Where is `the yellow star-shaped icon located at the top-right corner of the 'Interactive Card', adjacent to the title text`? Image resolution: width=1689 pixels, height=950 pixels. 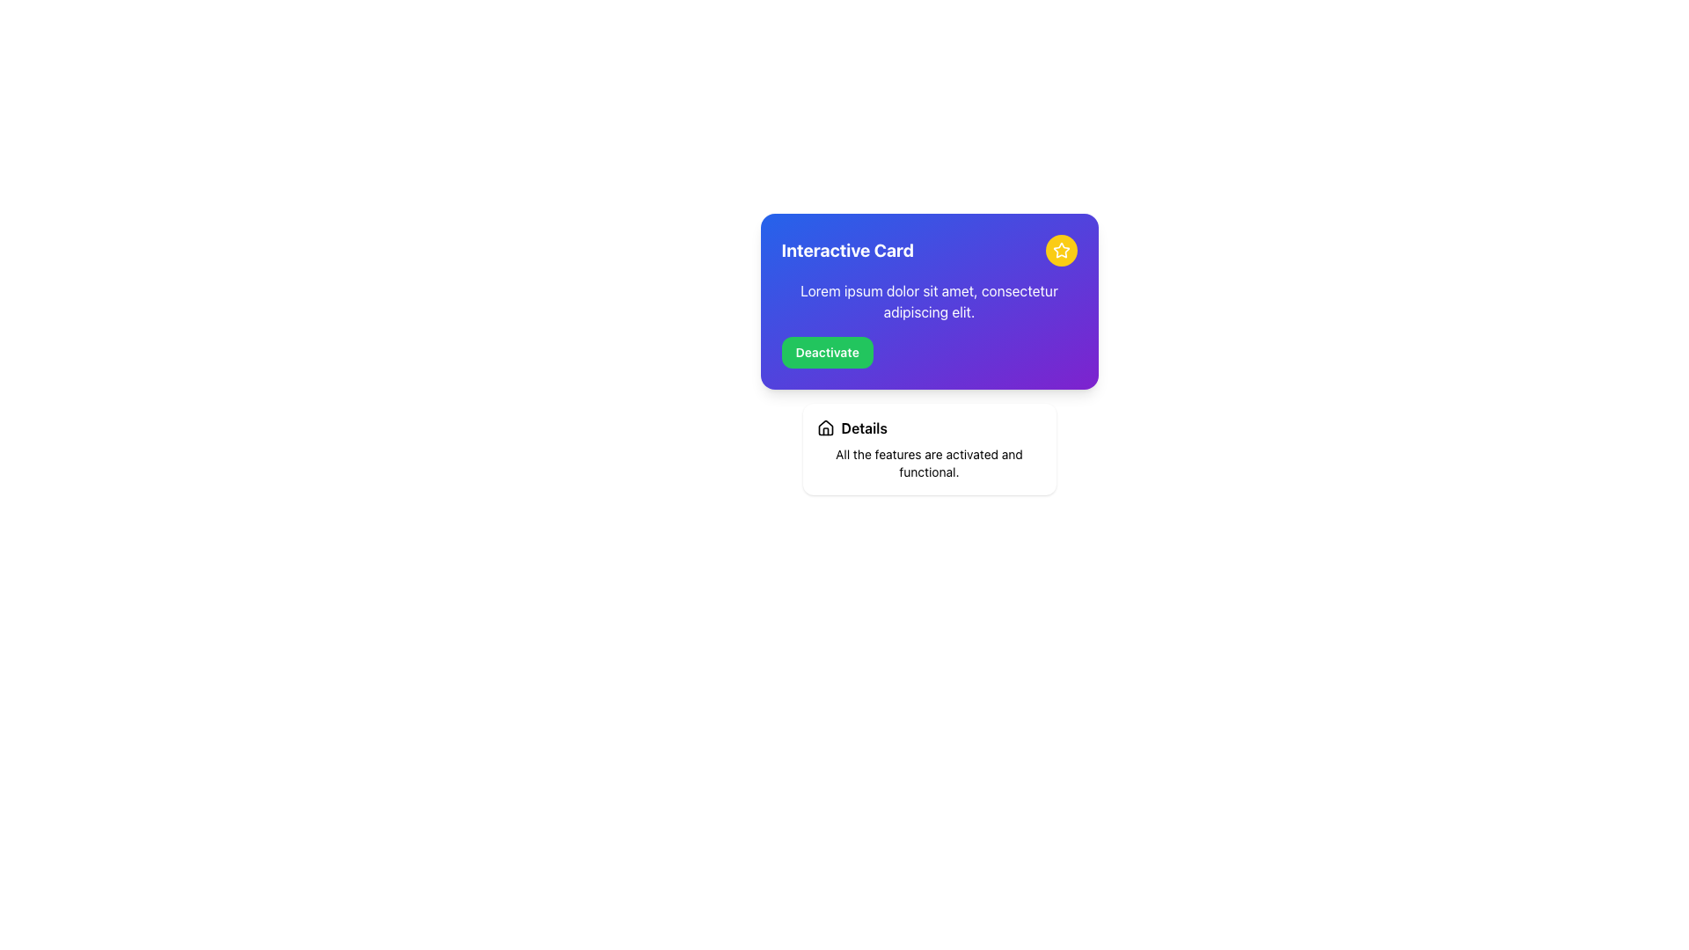 the yellow star-shaped icon located at the top-right corner of the 'Interactive Card', adjacent to the title text is located at coordinates (1060, 250).